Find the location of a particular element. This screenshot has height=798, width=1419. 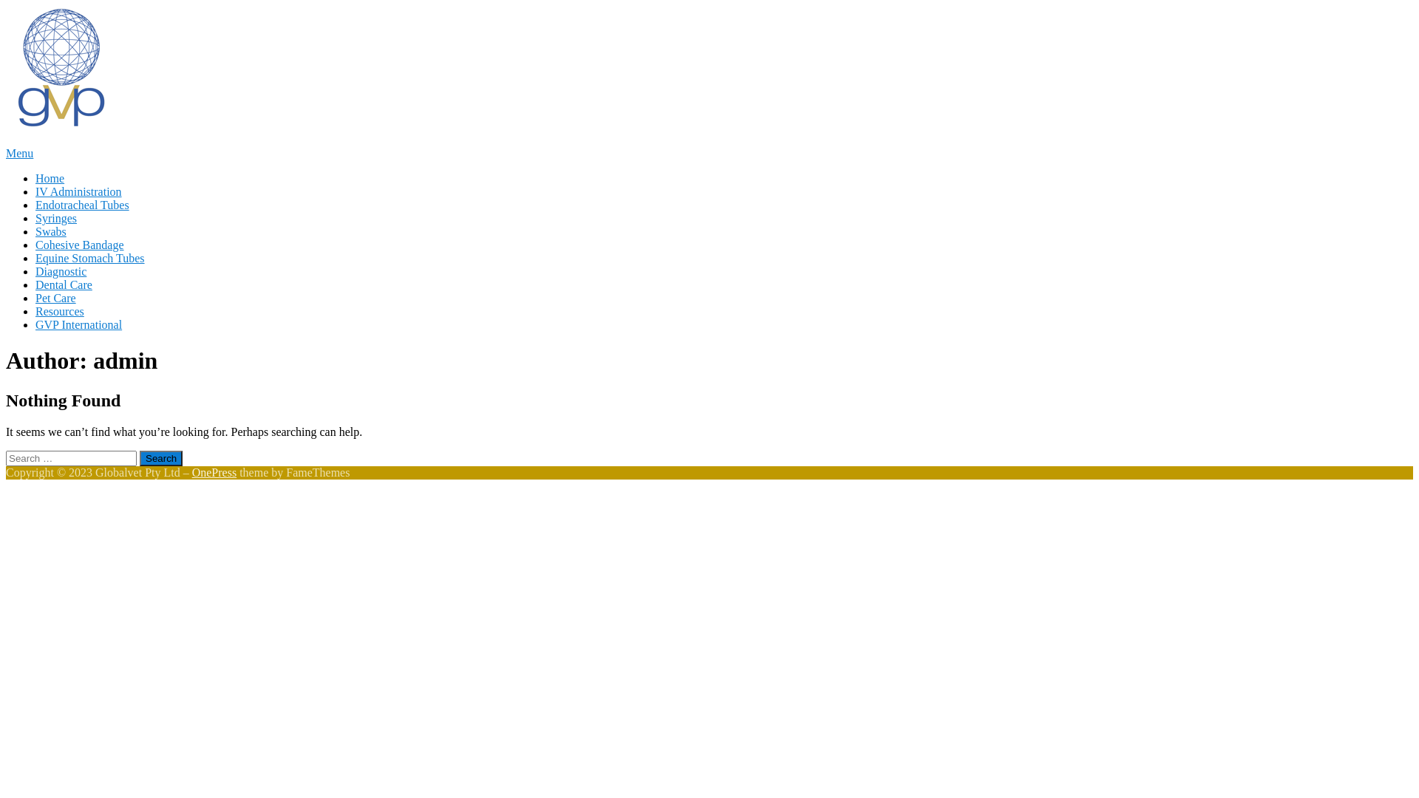

'Syringes' is located at coordinates (56, 218).